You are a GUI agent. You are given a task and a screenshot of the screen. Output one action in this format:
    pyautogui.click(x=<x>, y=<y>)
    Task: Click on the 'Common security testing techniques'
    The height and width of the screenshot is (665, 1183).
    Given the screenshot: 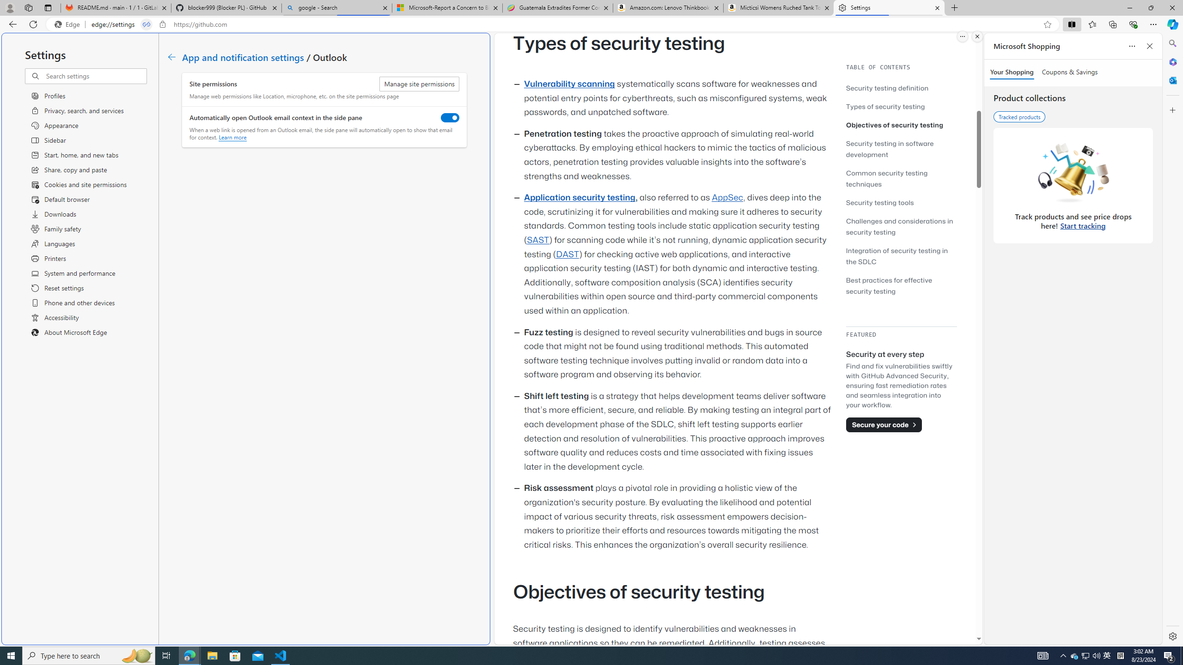 What is the action you would take?
    pyautogui.click(x=886, y=178)
    